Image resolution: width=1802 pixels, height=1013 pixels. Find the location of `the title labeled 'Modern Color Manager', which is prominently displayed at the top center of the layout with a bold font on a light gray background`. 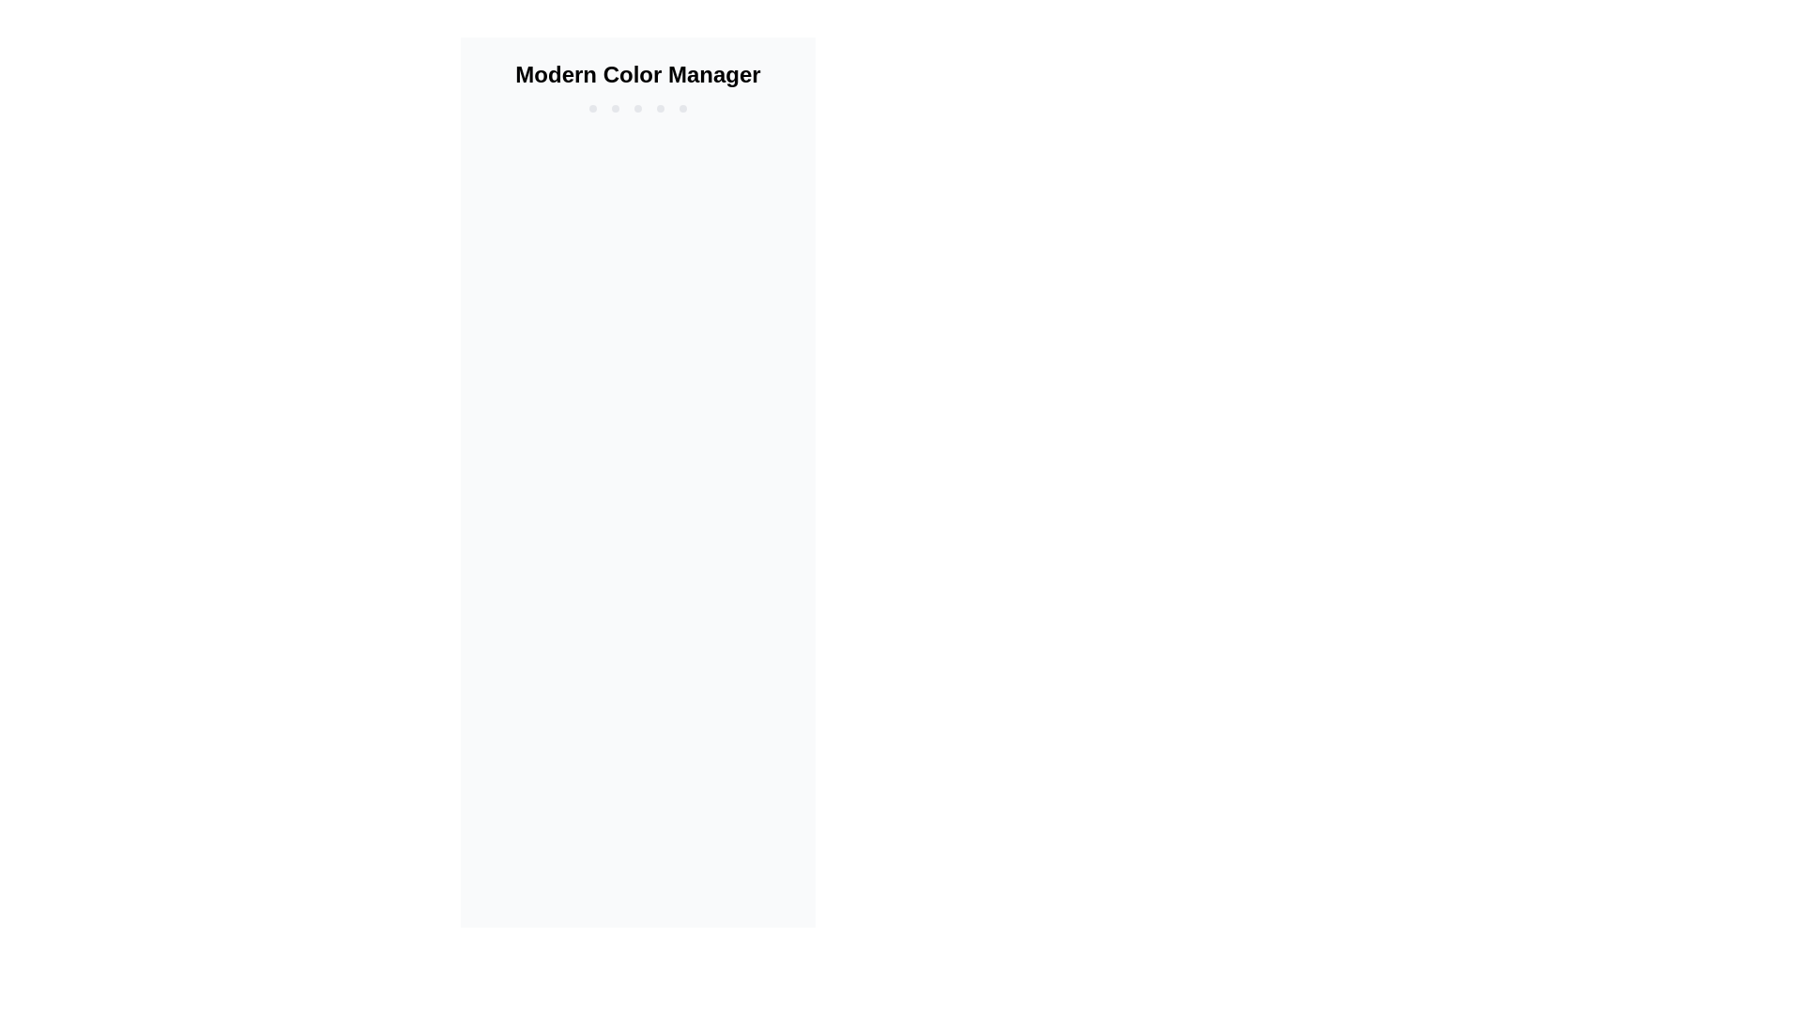

the title labeled 'Modern Color Manager', which is prominently displayed at the top center of the layout with a bold font on a light gray background is located at coordinates (638, 74).